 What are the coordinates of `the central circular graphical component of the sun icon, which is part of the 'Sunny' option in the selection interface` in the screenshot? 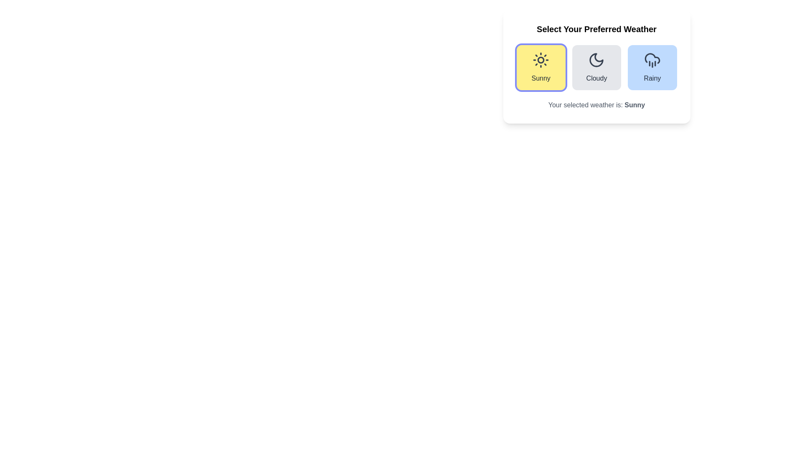 It's located at (541, 59).